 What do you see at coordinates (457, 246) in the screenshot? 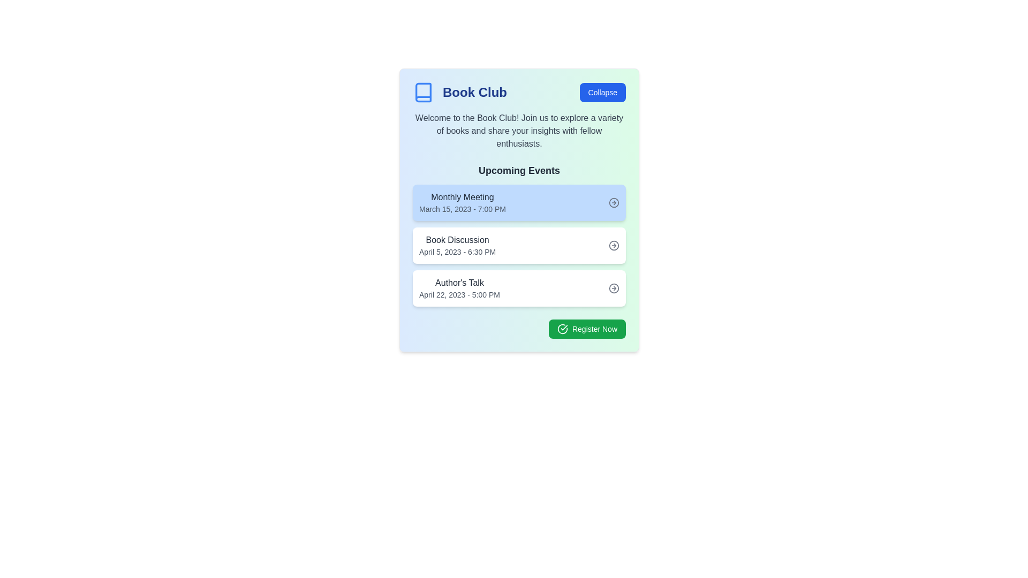
I see `the 'Book Discussion' text label, which describes the event scheduled for April 5, 2023, at 6:30 PM, positioned as the second item in the vertical list of event cards under 'Upcoming Events.'` at bounding box center [457, 246].